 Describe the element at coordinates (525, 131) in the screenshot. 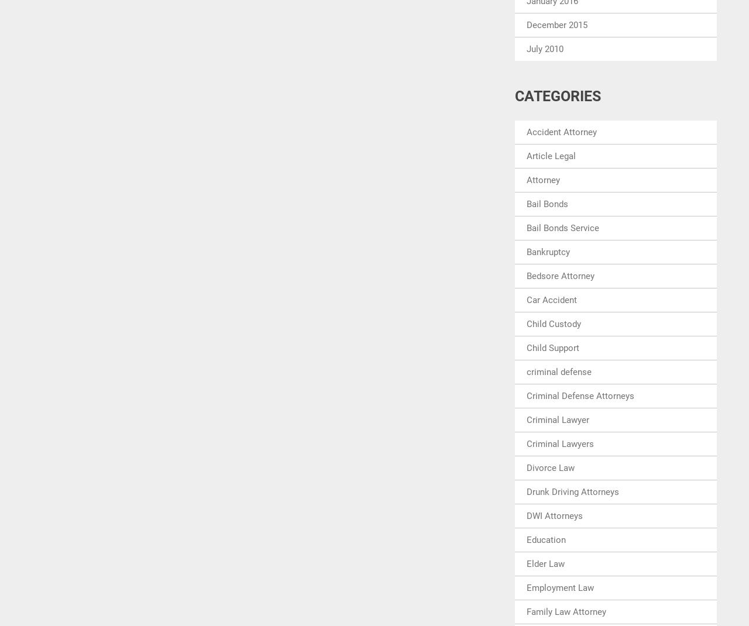

I see `'Accident Attorney'` at that location.